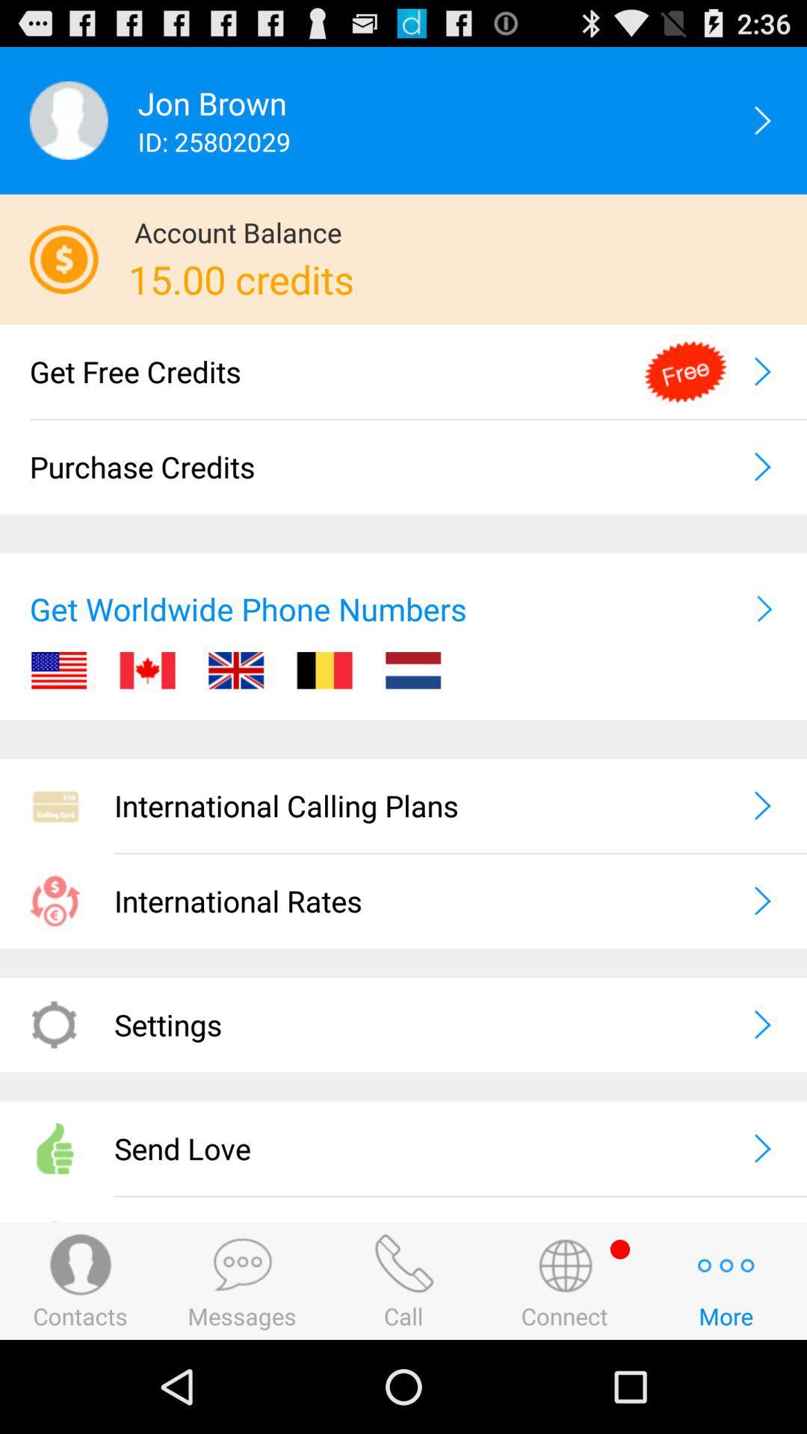 The image size is (807, 1434). I want to click on the avatar icon, so click(69, 128).